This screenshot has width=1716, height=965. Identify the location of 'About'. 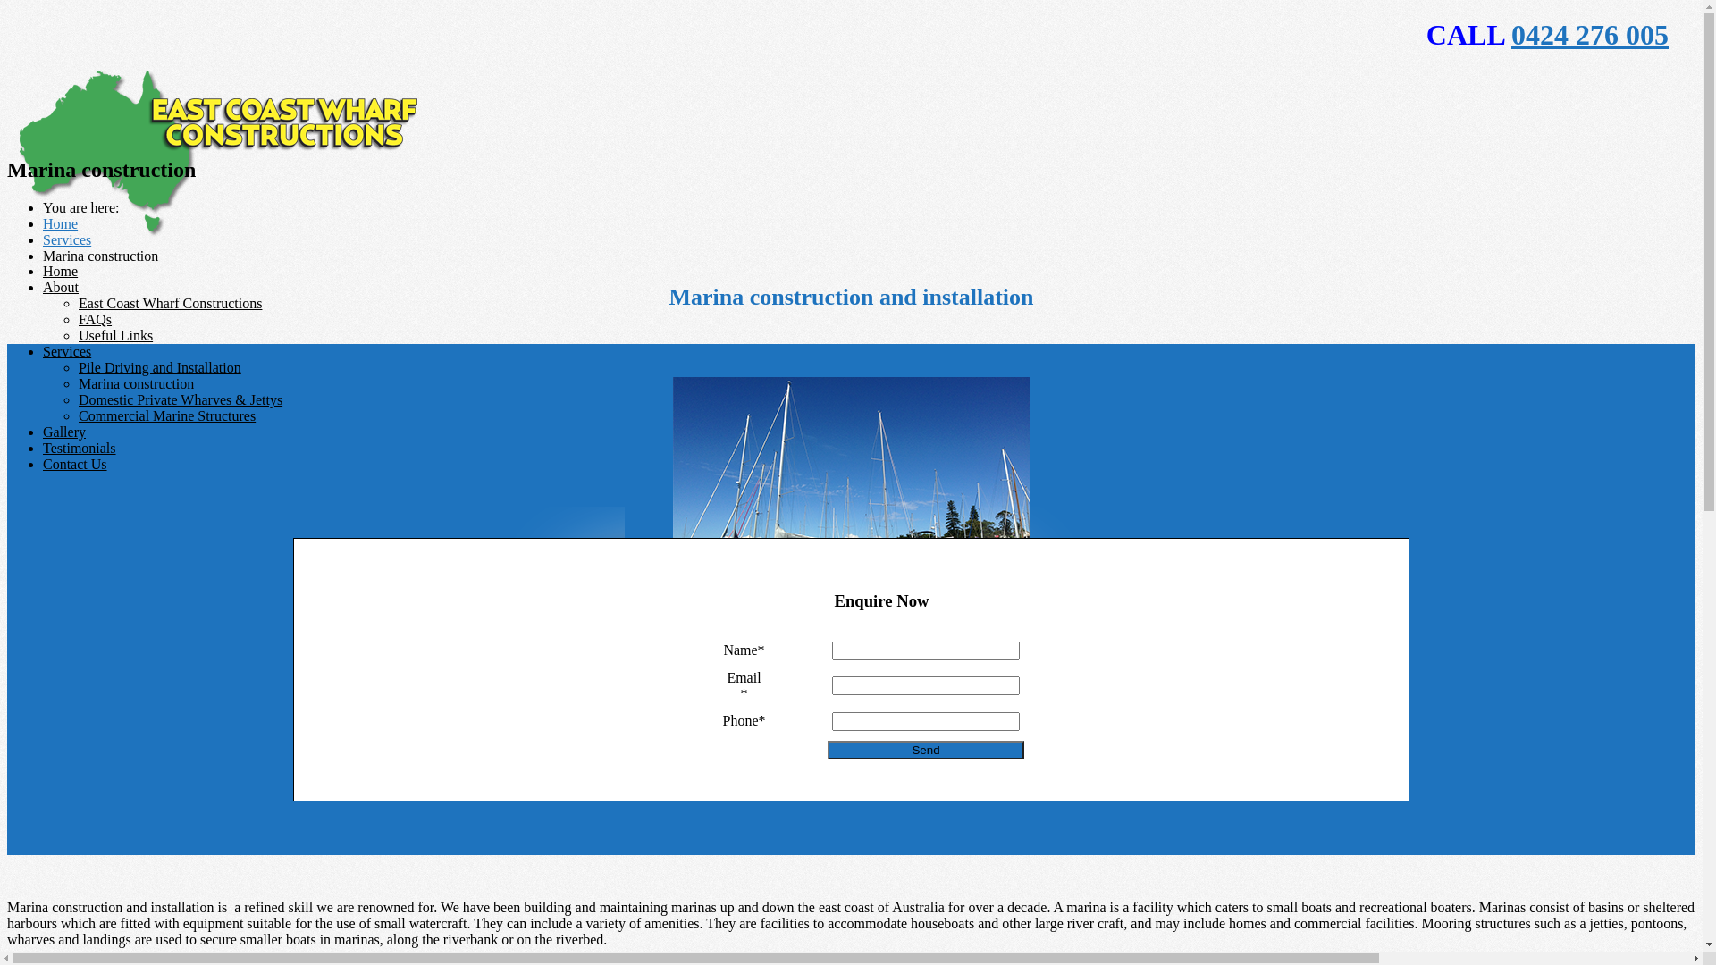
(60, 286).